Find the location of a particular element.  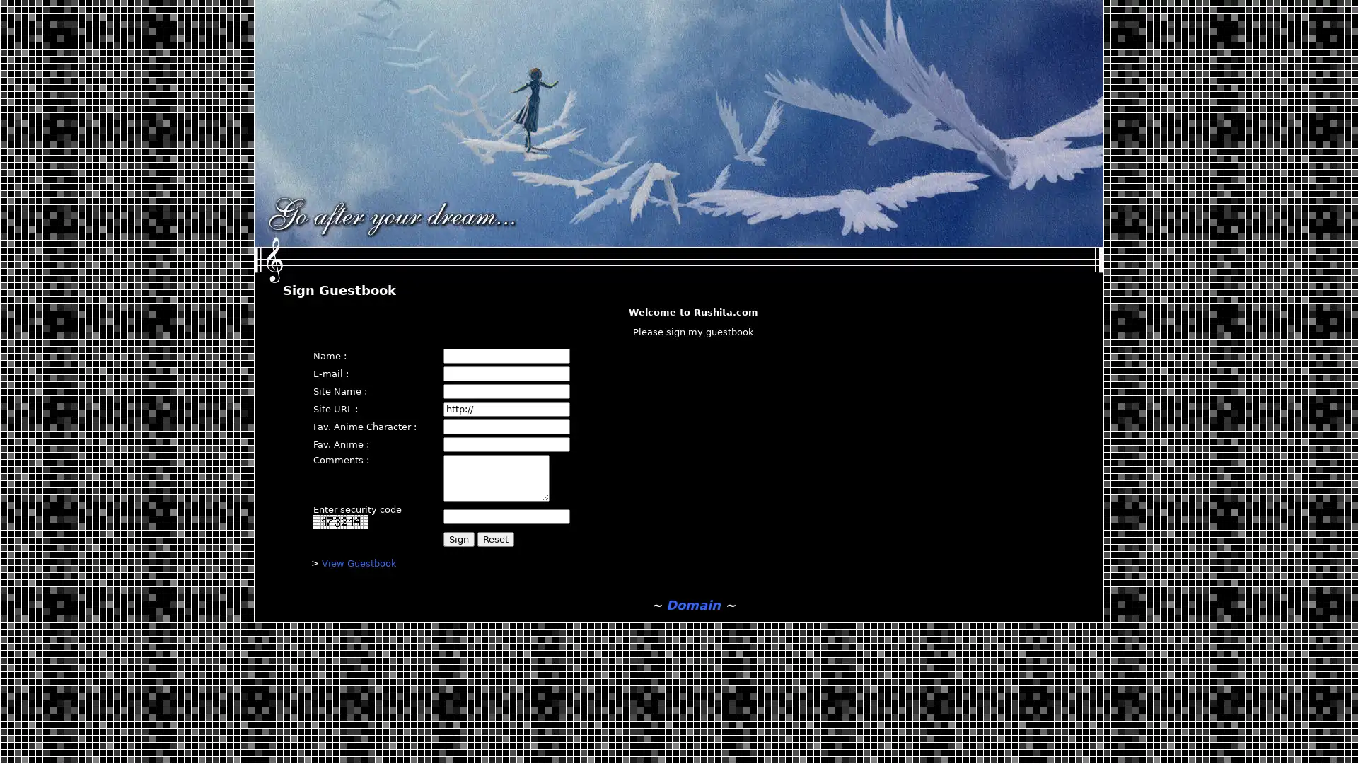

Sign is located at coordinates (458, 539).